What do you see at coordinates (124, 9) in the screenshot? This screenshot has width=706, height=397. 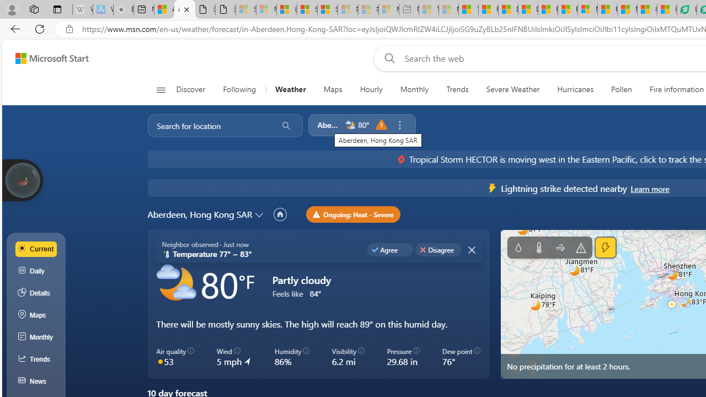 I see `'Buy iPad - Apple - Sleeping'` at bounding box center [124, 9].